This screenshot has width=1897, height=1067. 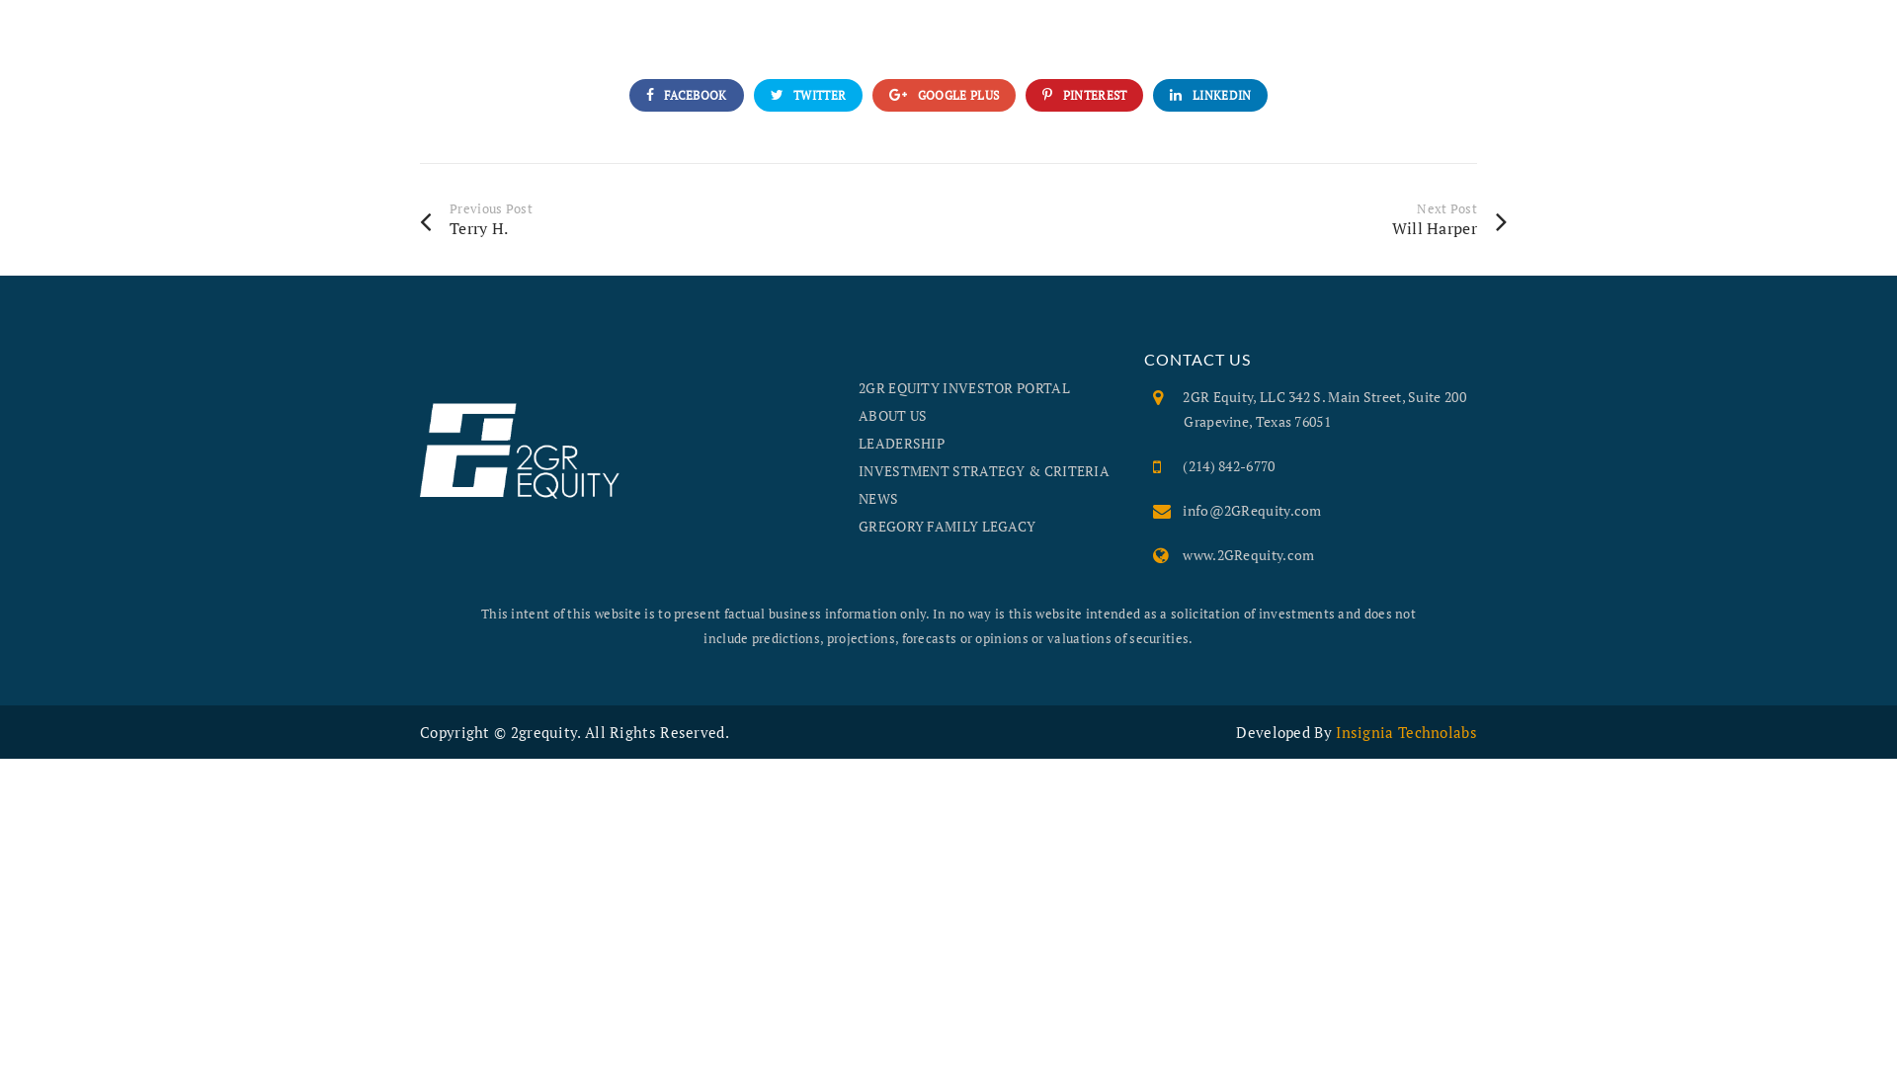 I want to click on '(214) 842-6770', so click(x=1227, y=465).